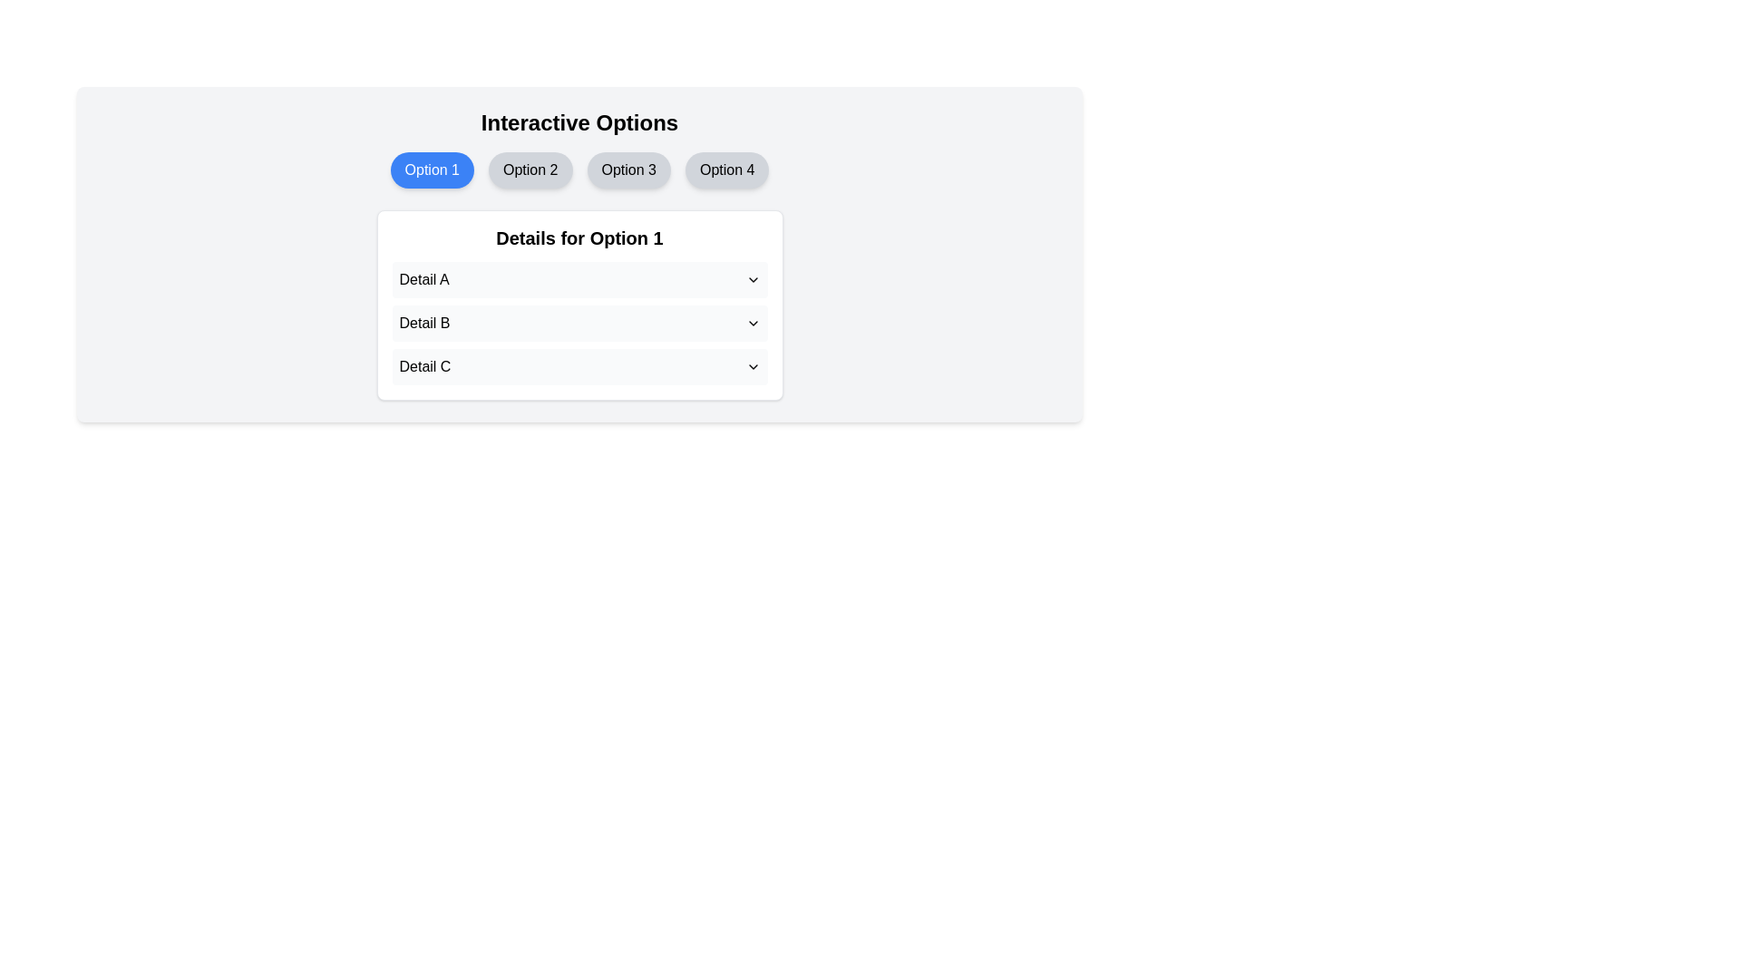 This screenshot has width=1741, height=979. What do you see at coordinates (423, 279) in the screenshot?
I see `the static text label located in the 'Details for Option 1' section, which is the first line of text above 'Detail B' and 'Detail C'` at bounding box center [423, 279].